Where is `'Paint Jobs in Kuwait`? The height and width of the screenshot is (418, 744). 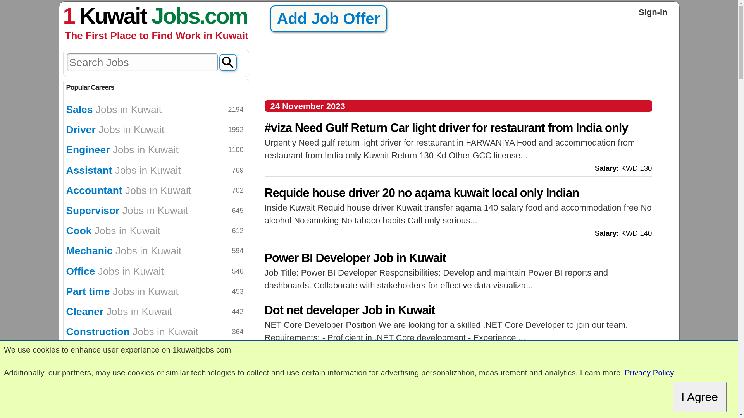
'Paint Jobs in Kuwait is located at coordinates (155, 392).